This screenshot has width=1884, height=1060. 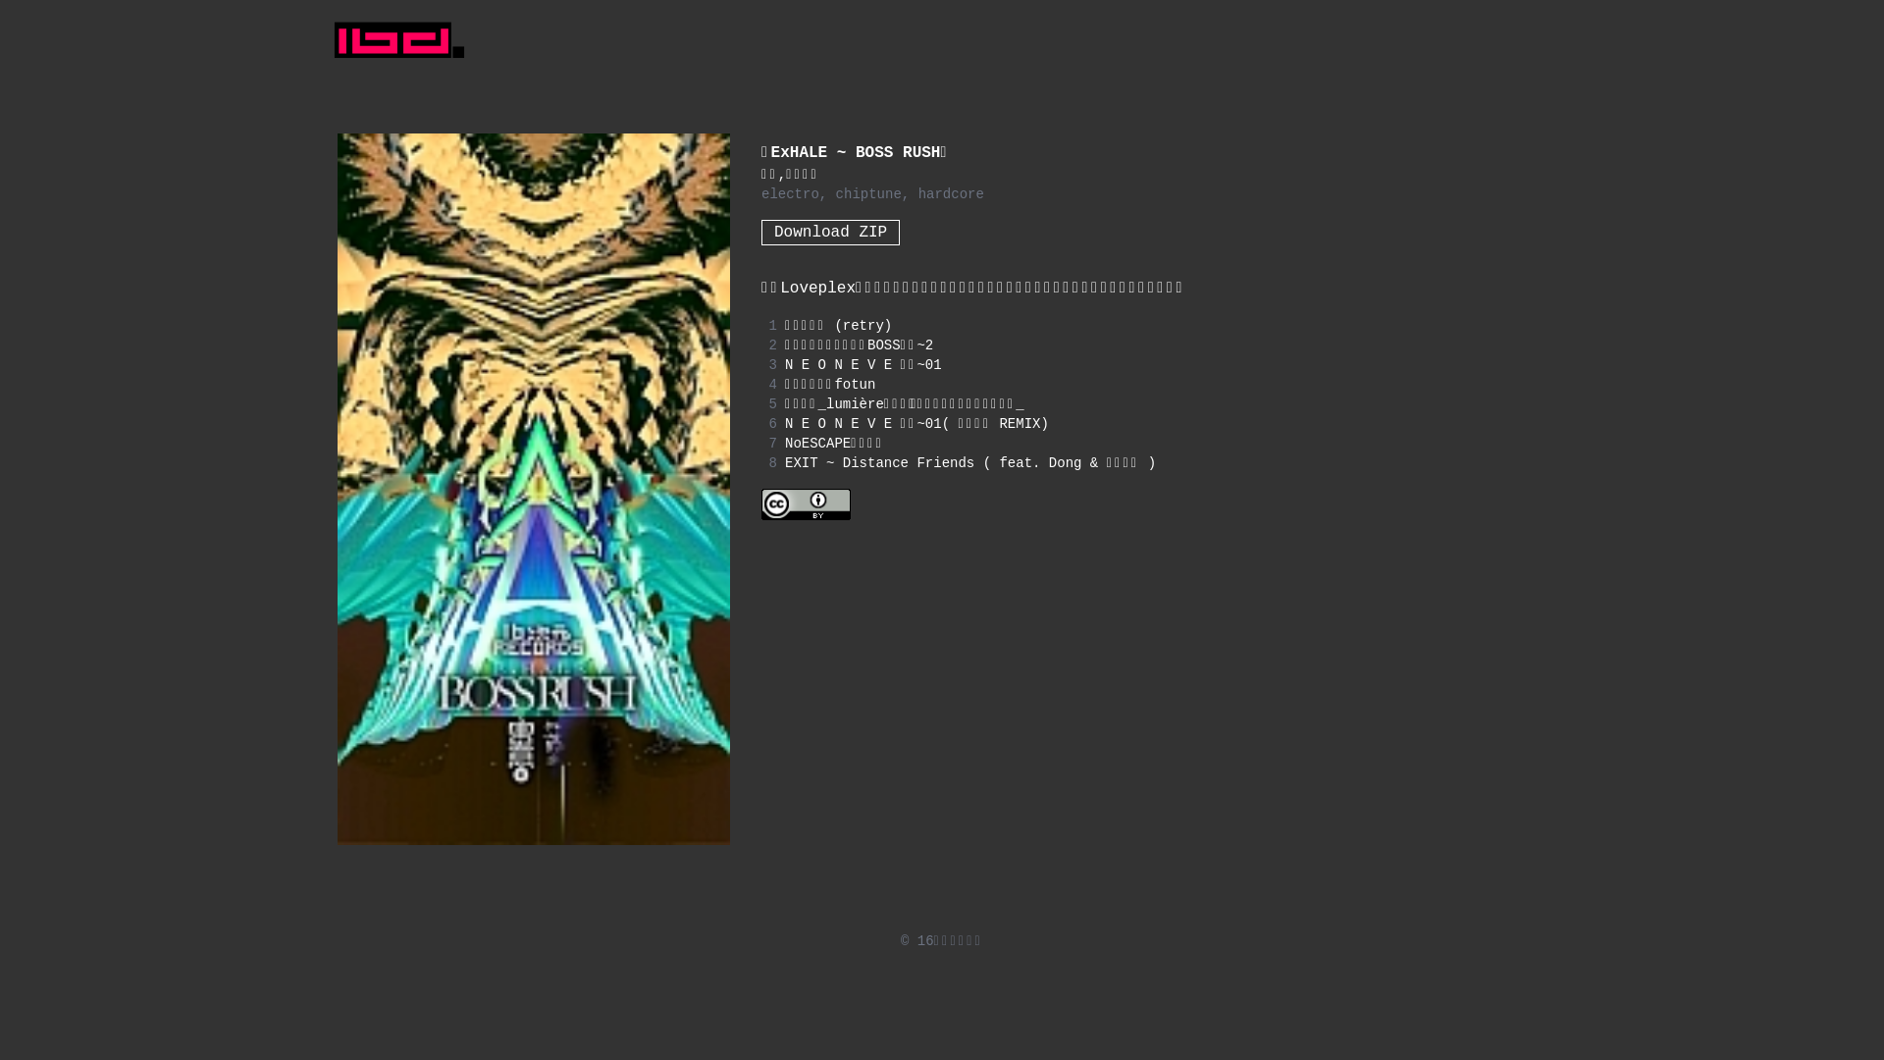 I want to click on 'Download ZIP', so click(x=830, y=231).